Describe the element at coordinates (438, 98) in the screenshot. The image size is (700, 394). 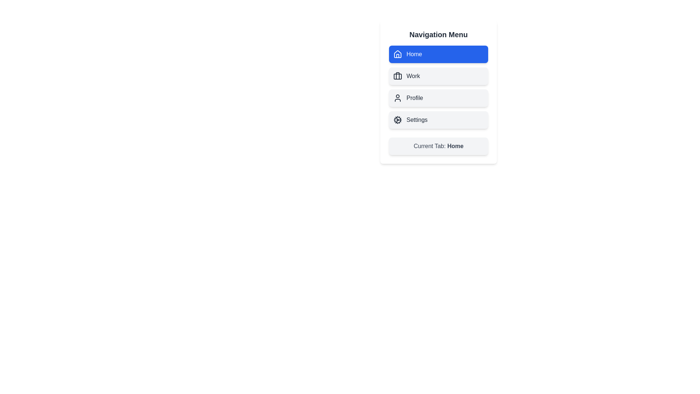
I see `the Profile tab to activate it` at that location.